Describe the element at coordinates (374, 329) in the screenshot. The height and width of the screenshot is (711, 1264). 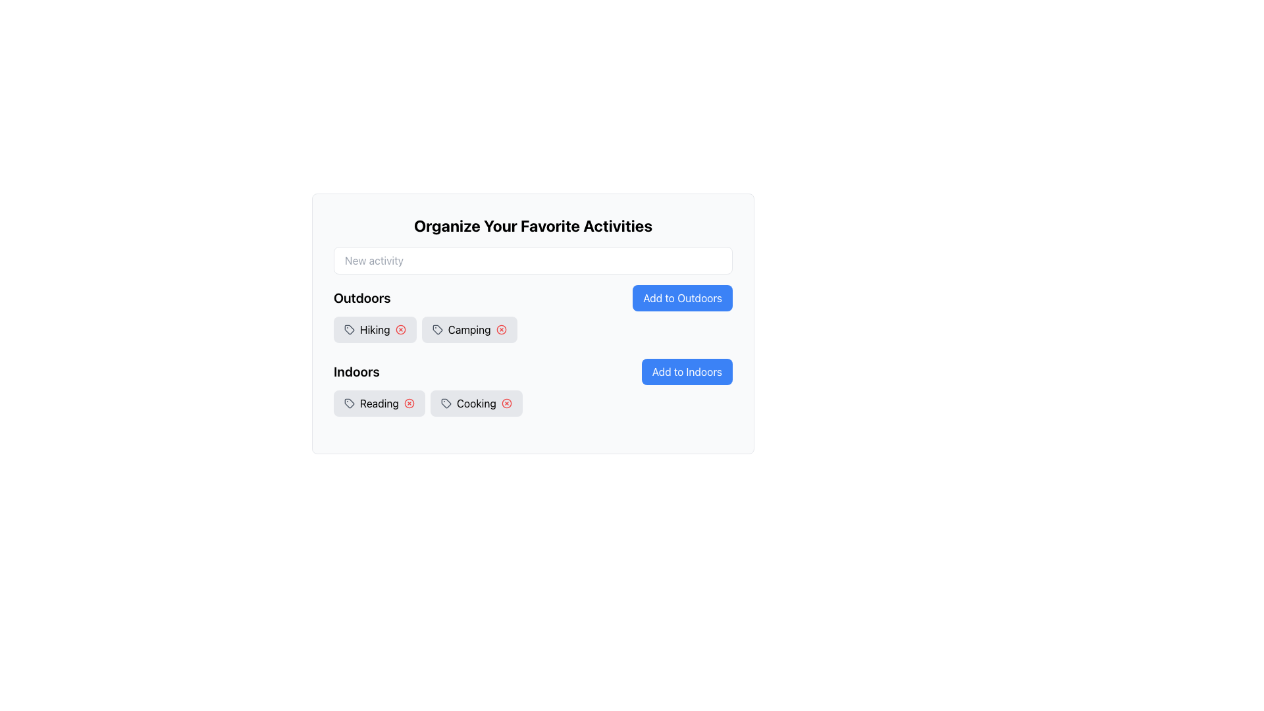
I see `the tag icon on the 'Hiking' label in the 'Outdoors' section` at that location.